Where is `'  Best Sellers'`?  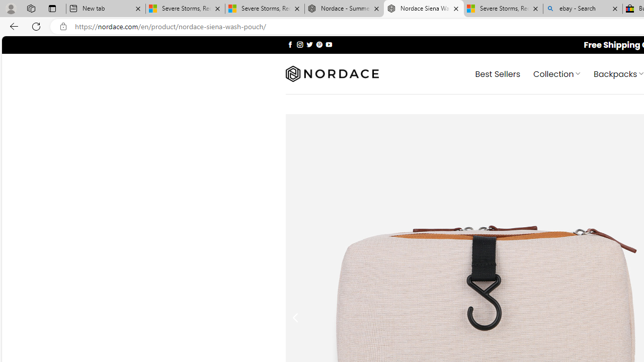 '  Best Sellers' is located at coordinates (498, 73).